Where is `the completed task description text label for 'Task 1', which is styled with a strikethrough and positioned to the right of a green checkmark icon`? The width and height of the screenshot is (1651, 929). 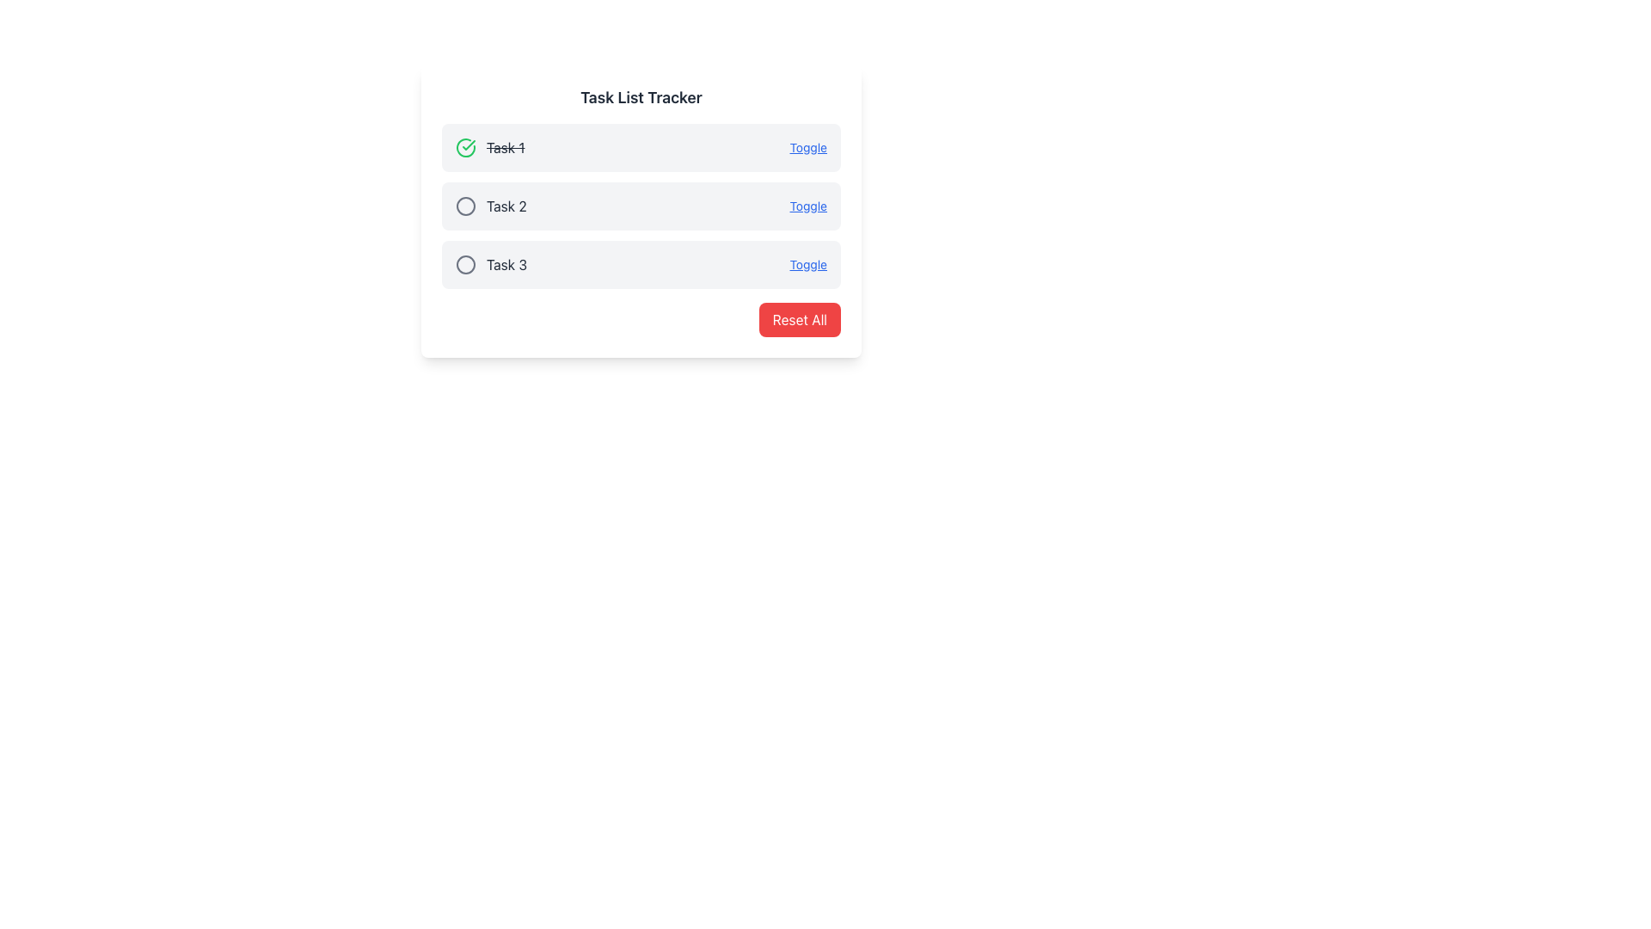 the completed task description text label for 'Task 1', which is styled with a strikethrough and positioned to the right of a green checkmark icon is located at coordinates (489, 147).